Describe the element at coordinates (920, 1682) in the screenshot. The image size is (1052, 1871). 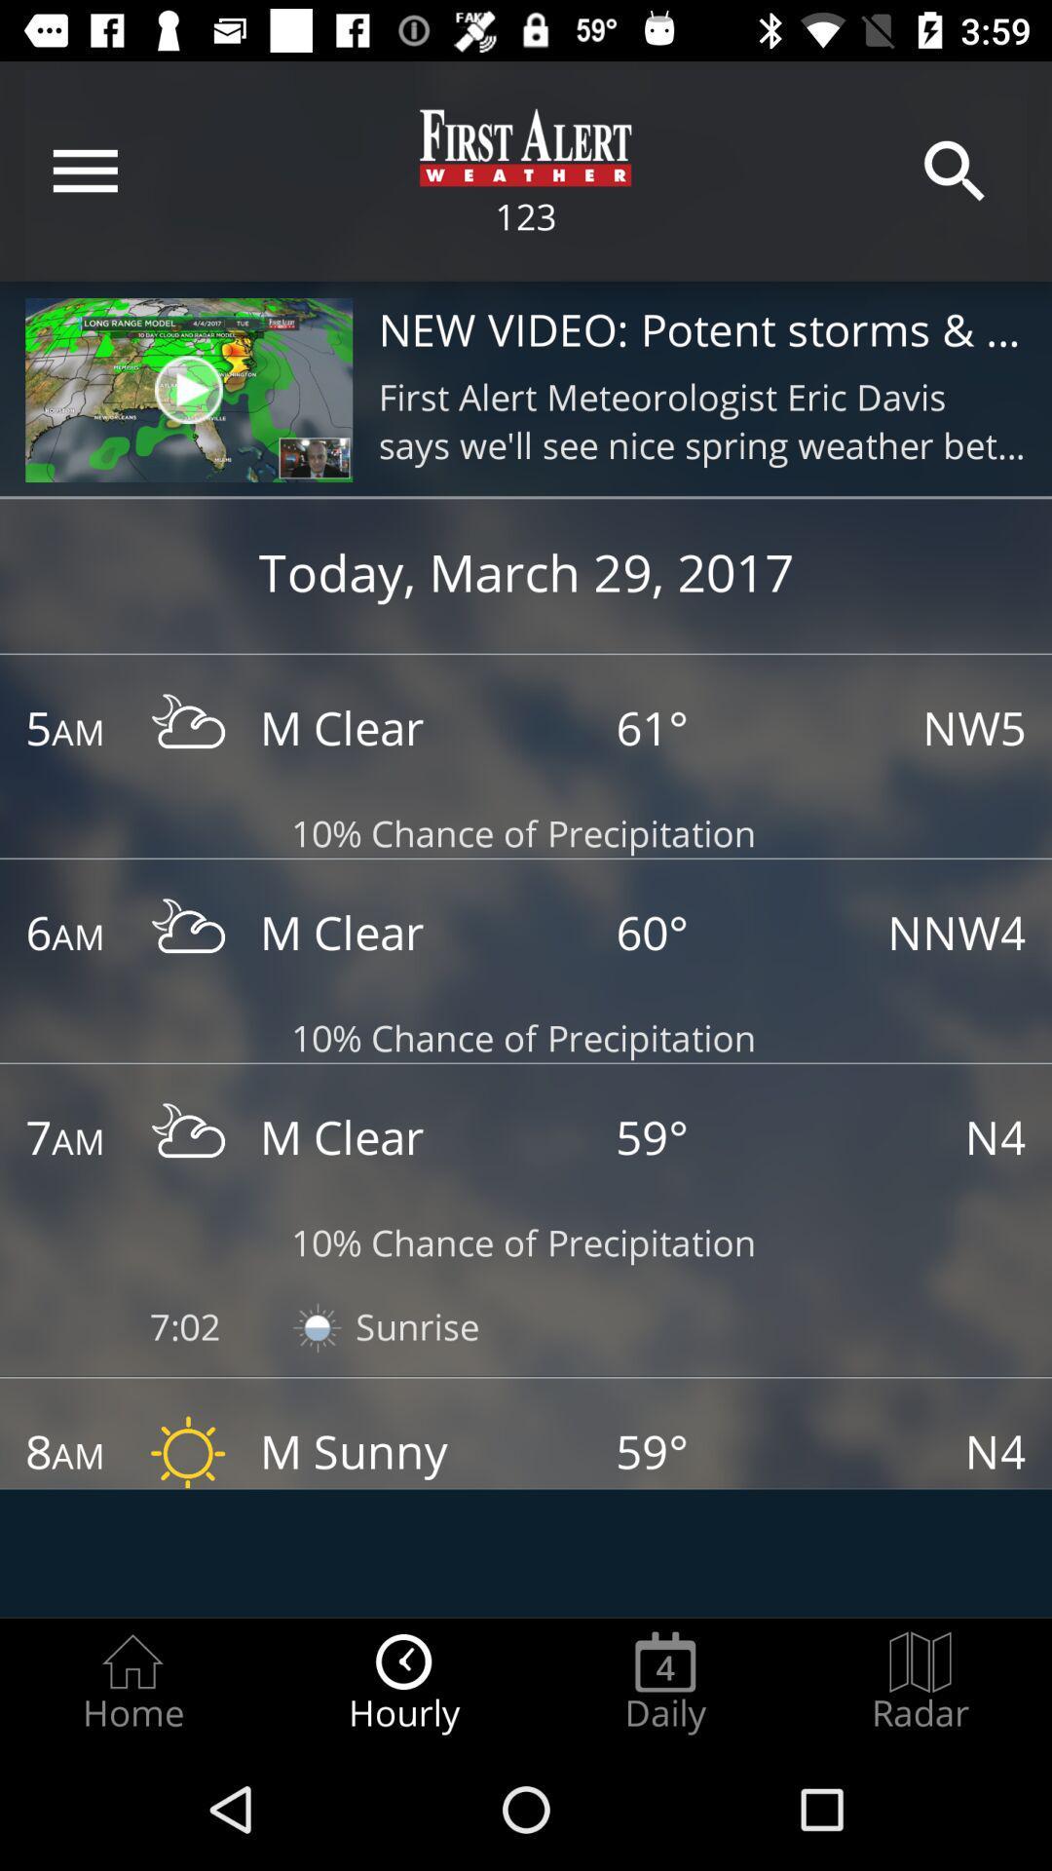
I see `the item next to the daily icon` at that location.